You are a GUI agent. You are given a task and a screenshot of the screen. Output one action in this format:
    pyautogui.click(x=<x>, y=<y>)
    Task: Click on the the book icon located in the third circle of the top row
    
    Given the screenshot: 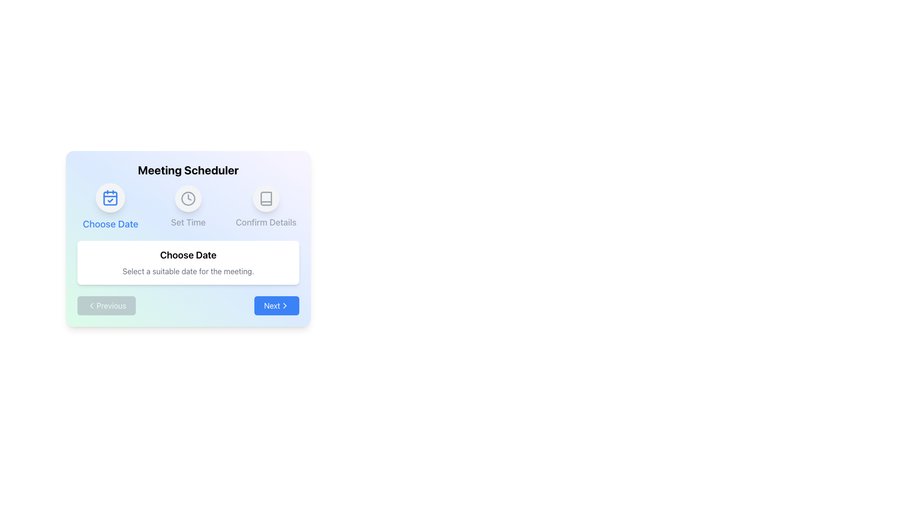 What is the action you would take?
    pyautogui.click(x=266, y=198)
    